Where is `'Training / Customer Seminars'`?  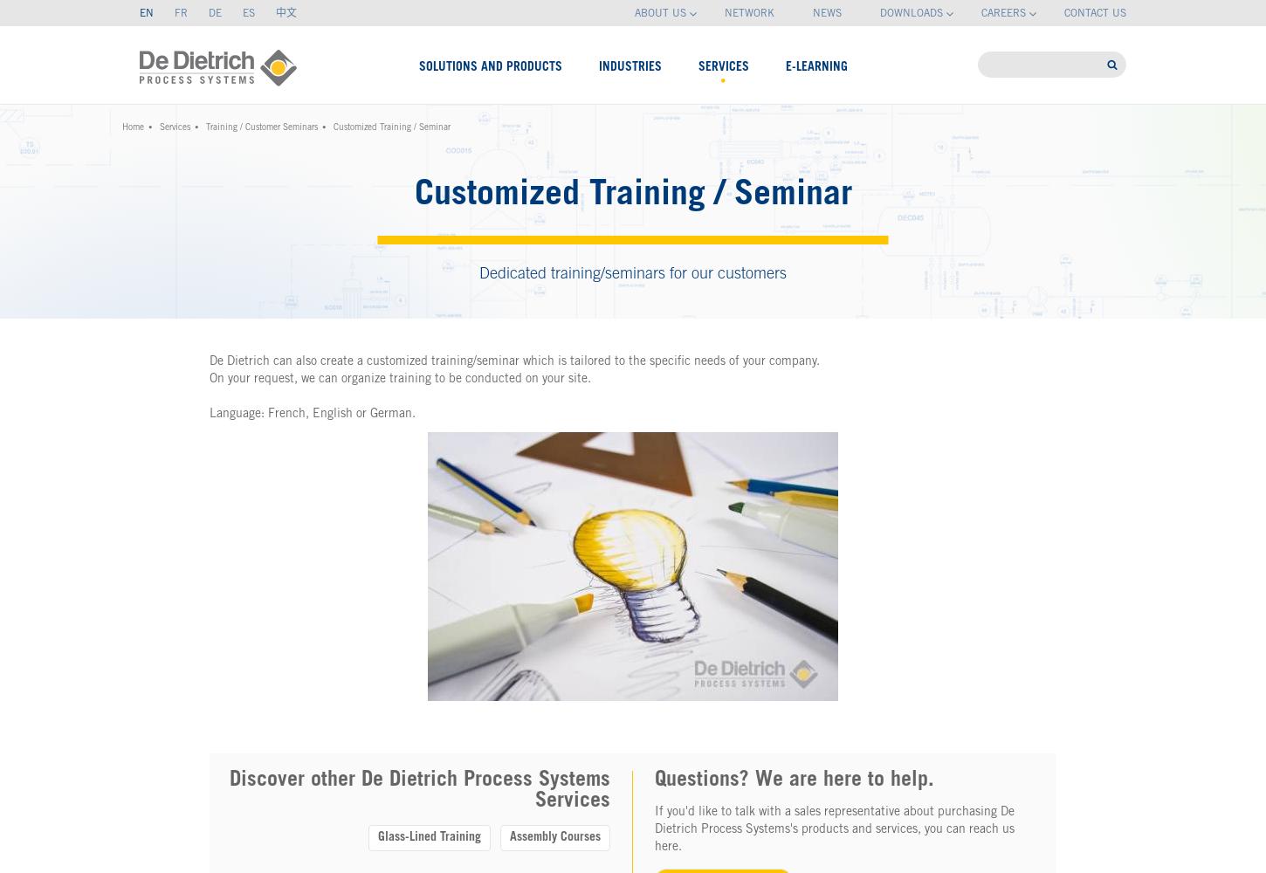
'Training / Customer Seminars' is located at coordinates (205, 128).